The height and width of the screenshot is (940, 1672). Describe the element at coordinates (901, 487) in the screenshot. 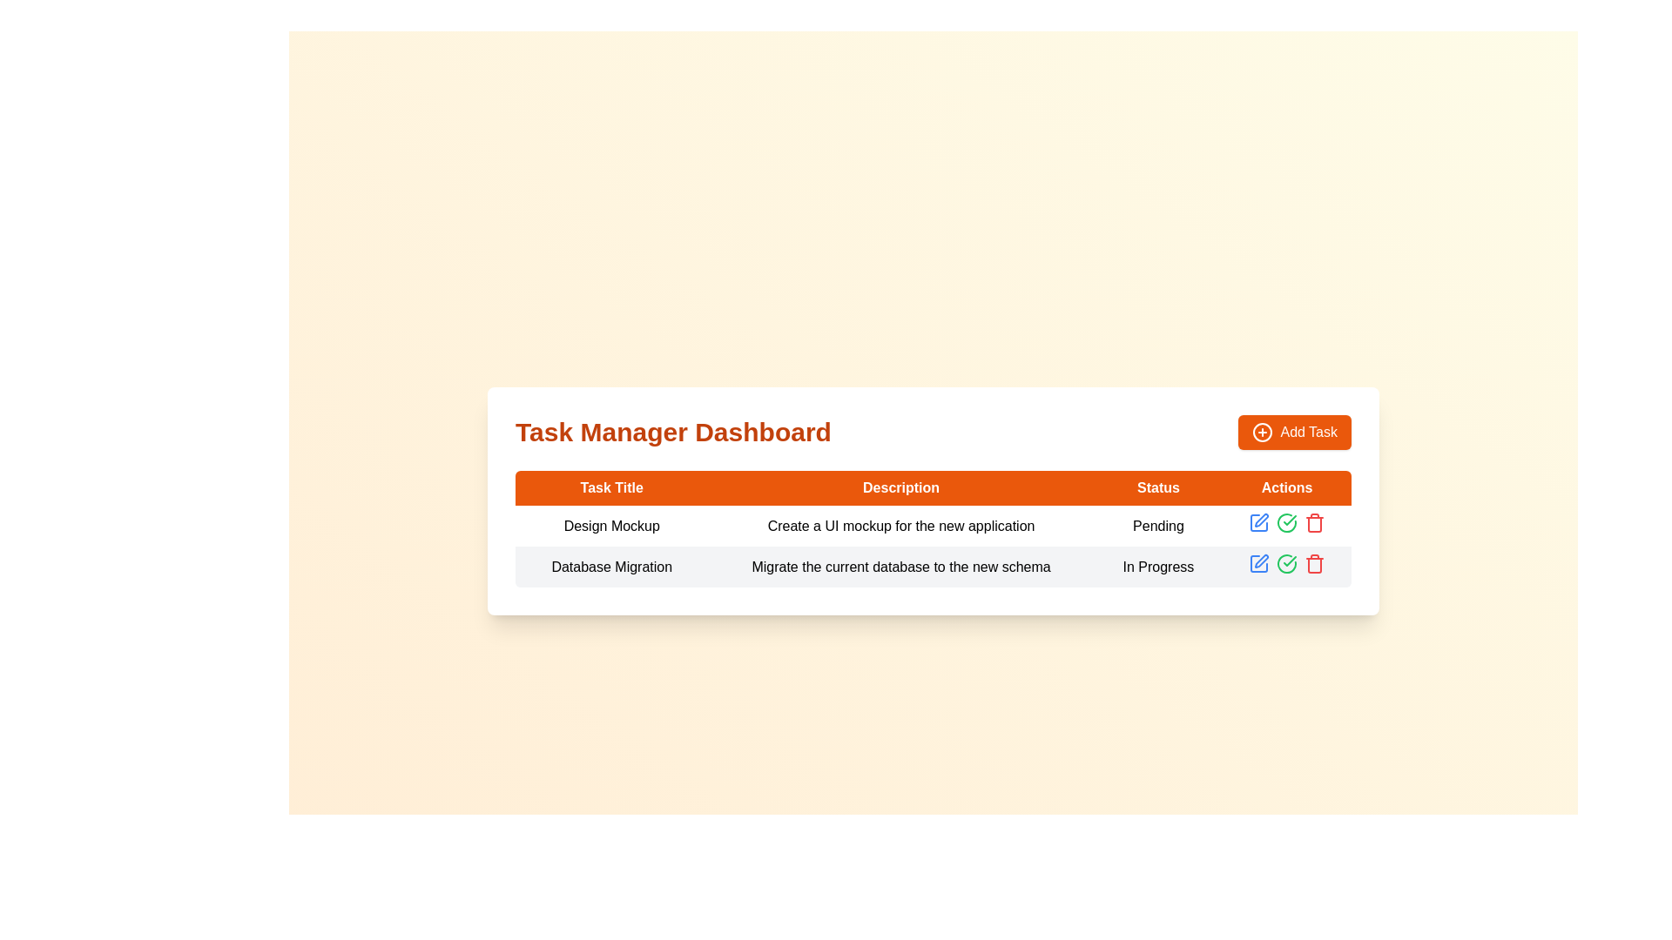

I see `the Table Header Label for the 'Description' column, which is the second item in a horizontal row of four in the table header, located between 'Task Title' and 'Status'` at that location.